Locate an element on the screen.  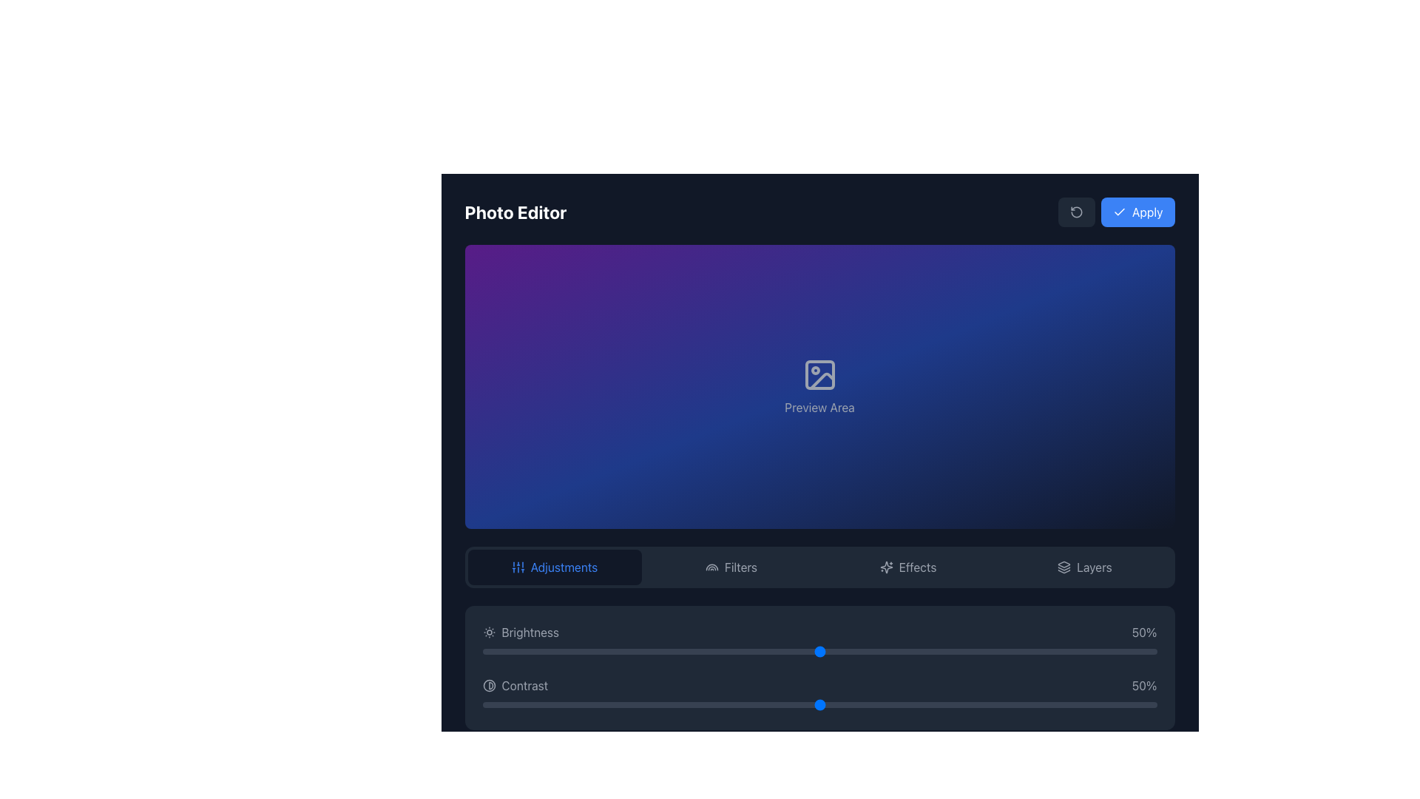
the central star-like icon with multiple arms styled in dark gradient tones located in the top-right quadrant of the interface is located at coordinates (886, 567).